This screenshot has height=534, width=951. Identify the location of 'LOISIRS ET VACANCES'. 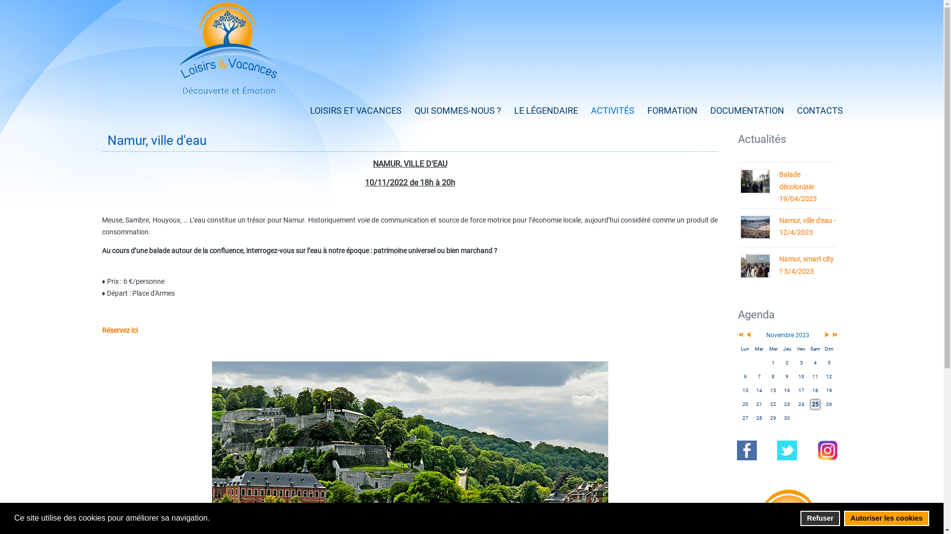
(356, 110).